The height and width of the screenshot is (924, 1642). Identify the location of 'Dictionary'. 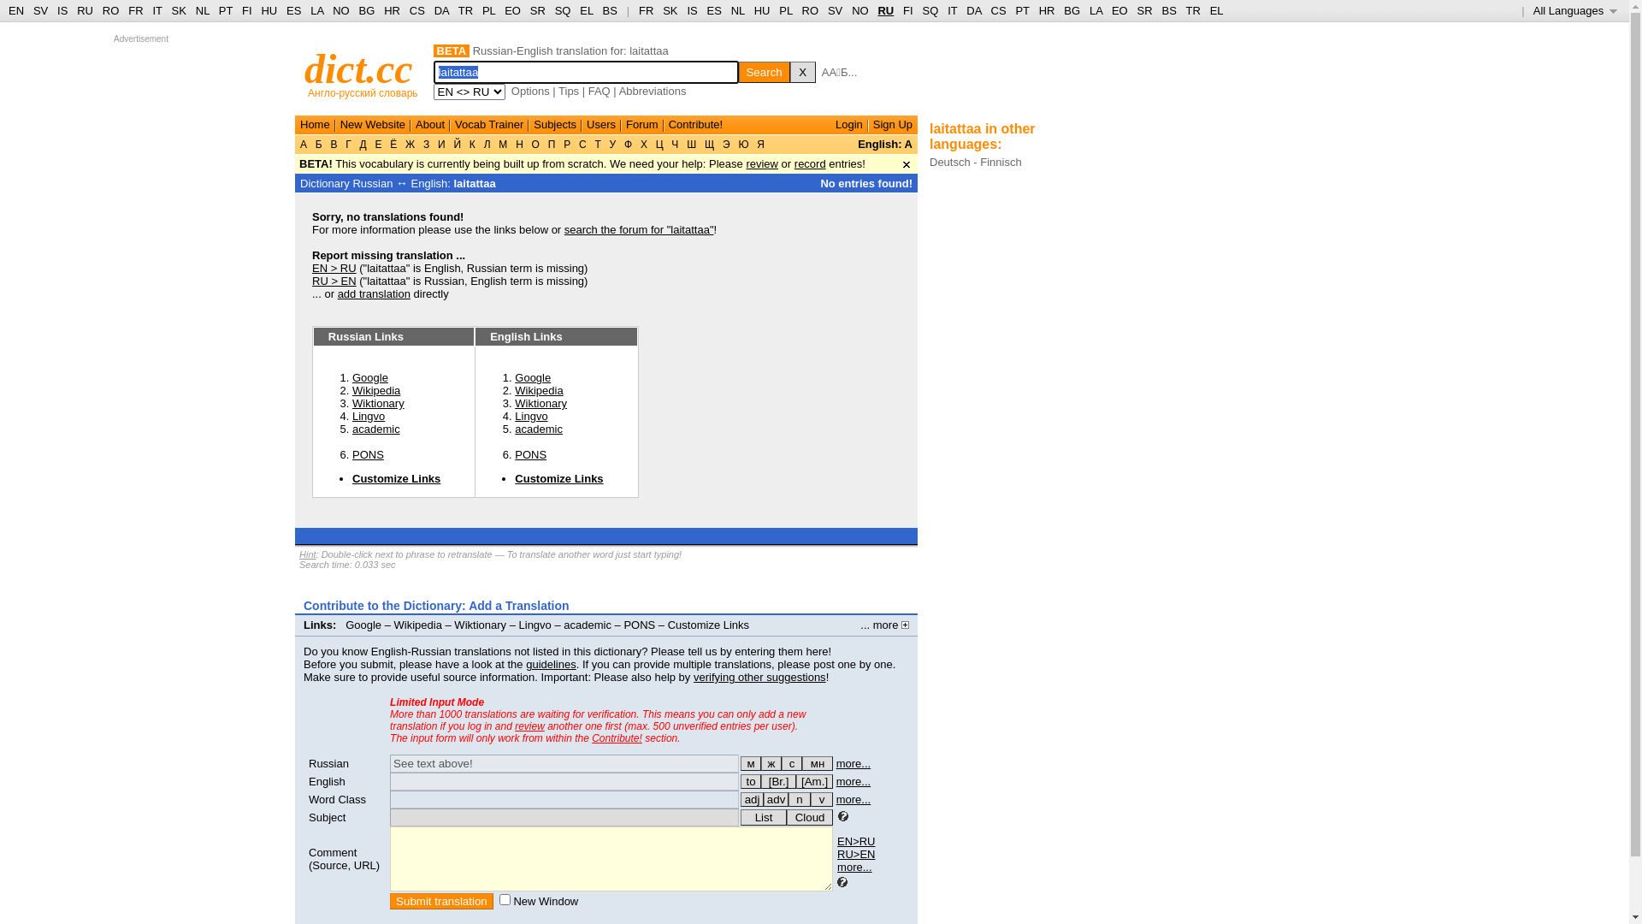
(324, 183).